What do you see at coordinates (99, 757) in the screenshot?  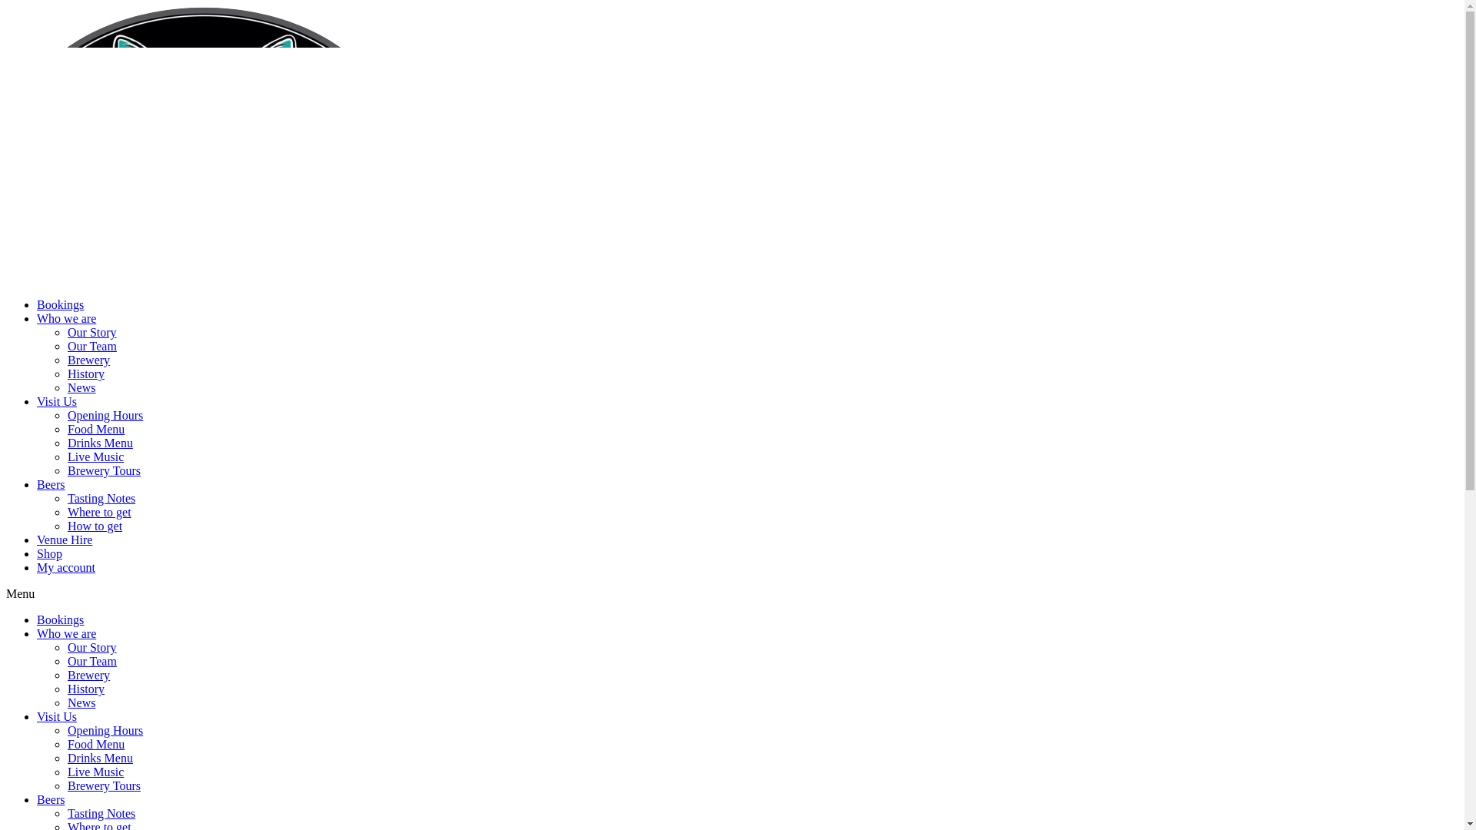 I see `'Drinks Menu'` at bounding box center [99, 757].